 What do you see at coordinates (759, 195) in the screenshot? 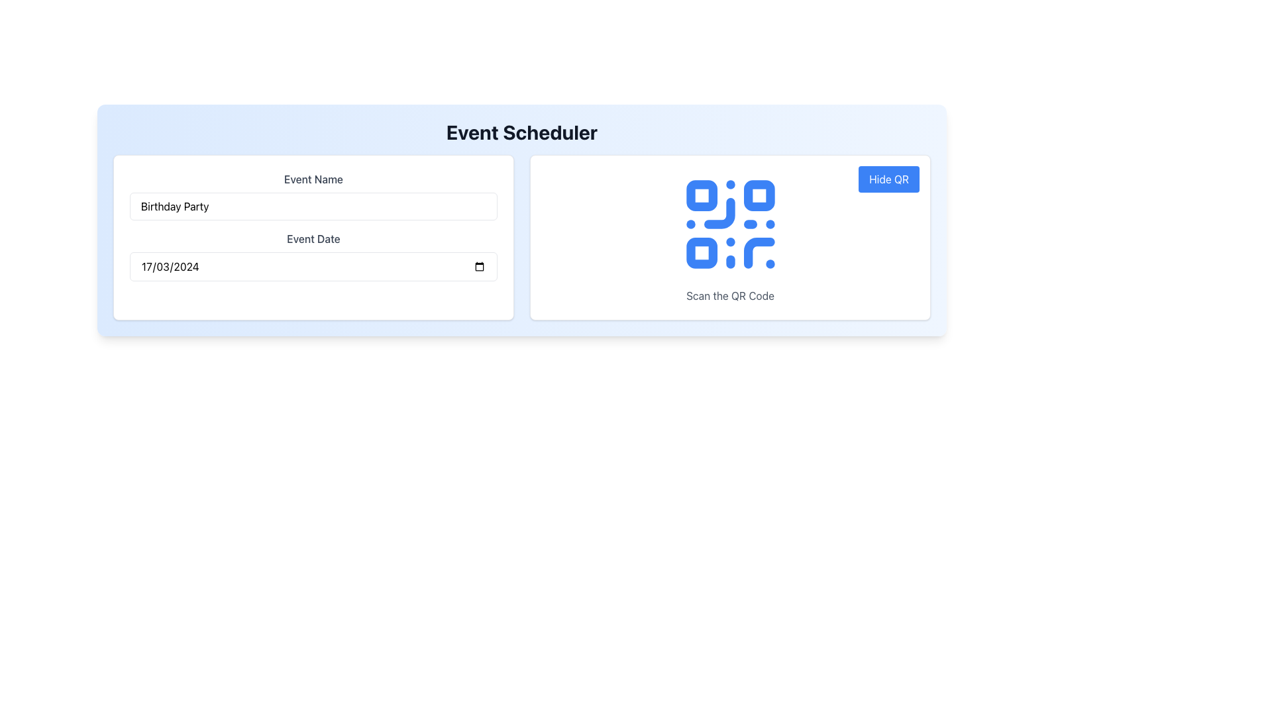
I see `the small square graphical component embedded in the QR code representation, located in the top-right corner of the QR code icon` at bounding box center [759, 195].